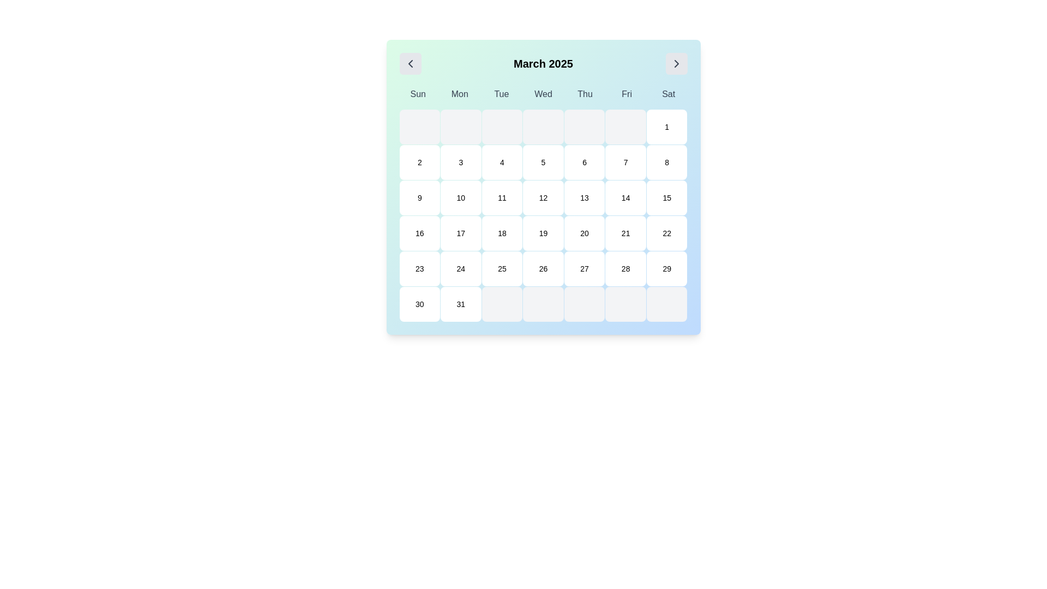  What do you see at coordinates (625, 304) in the screenshot?
I see `the calendar cell representing Friday in the last row of the grid layout` at bounding box center [625, 304].